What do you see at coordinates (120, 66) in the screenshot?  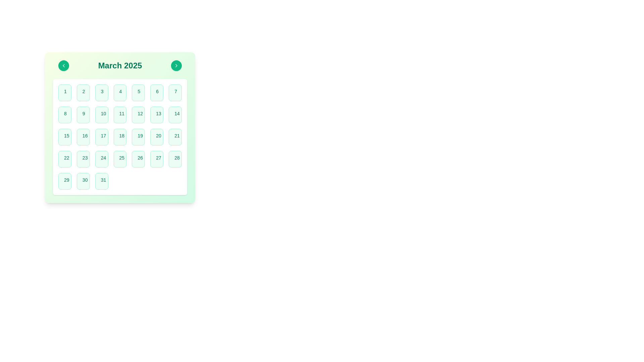 I see `the large text label indicating the current month and year in the calendar view, which is centered in the calendar interface header` at bounding box center [120, 66].